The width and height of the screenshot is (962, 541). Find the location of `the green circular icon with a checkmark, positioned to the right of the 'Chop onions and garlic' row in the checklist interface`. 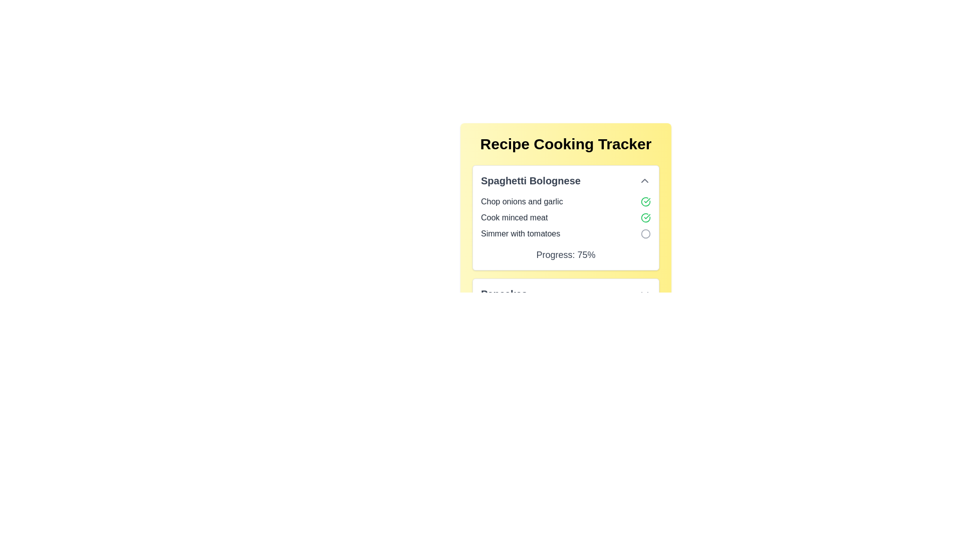

the green circular icon with a checkmark, positioned to the right of the 'Chop onions and garlic' row in the checklist interface is located at coordinates (646, 201).